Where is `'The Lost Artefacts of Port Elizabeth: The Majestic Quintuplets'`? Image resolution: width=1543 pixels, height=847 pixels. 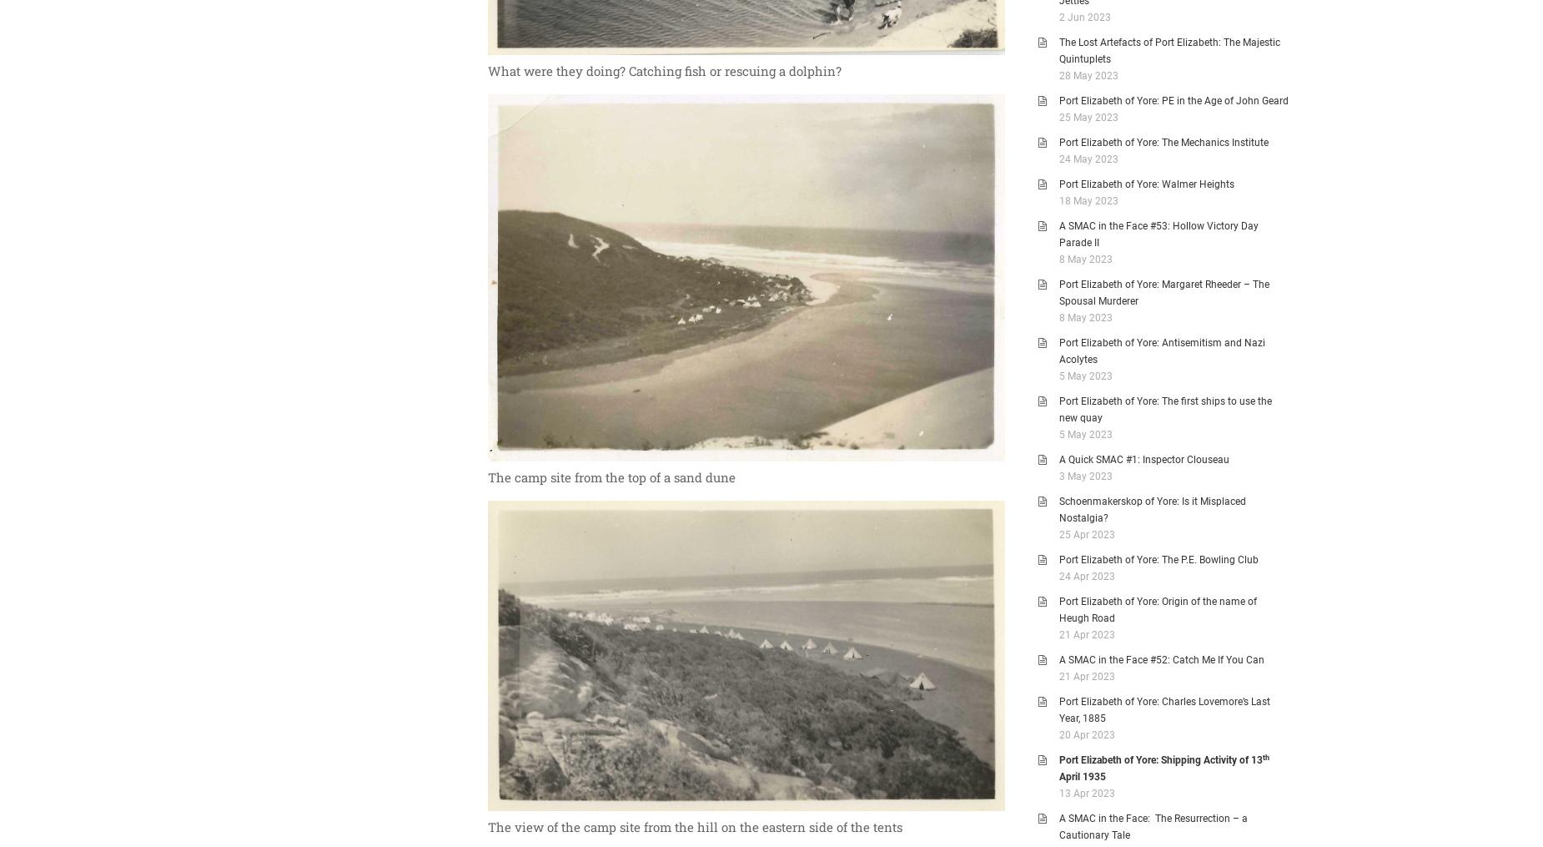 'The Lost Artefacts of Port Elizabeth: The Majestic Quintuplets' is located at coordinates (1058, 50).